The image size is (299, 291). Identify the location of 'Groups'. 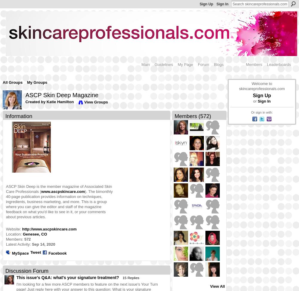
(234, 64).